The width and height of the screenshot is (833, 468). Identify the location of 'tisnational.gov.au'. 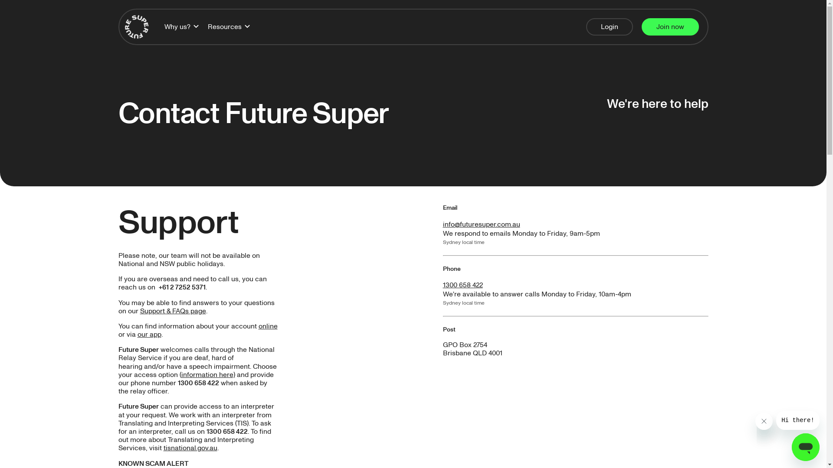
(189, 448).